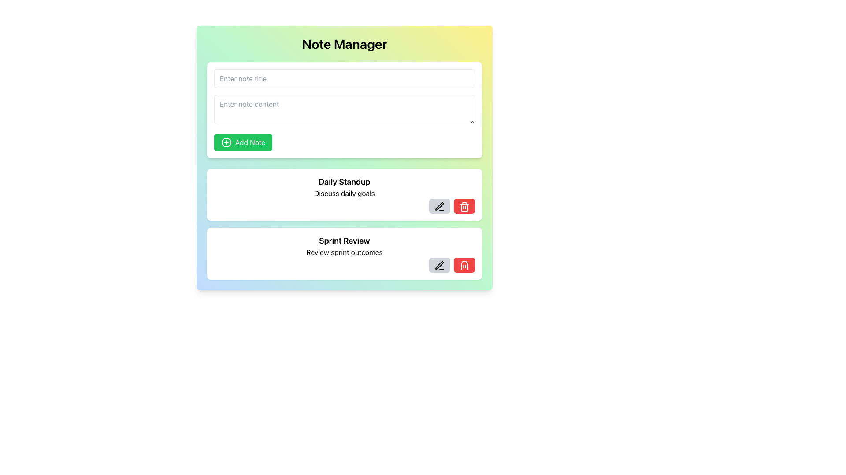  Describe the element at coordinates (344, 181) in the screenshot. I see `the header text label for the note that indicates its subject or theme, located above the text 'Discuss daily goals' within the first note displayed` at that location.